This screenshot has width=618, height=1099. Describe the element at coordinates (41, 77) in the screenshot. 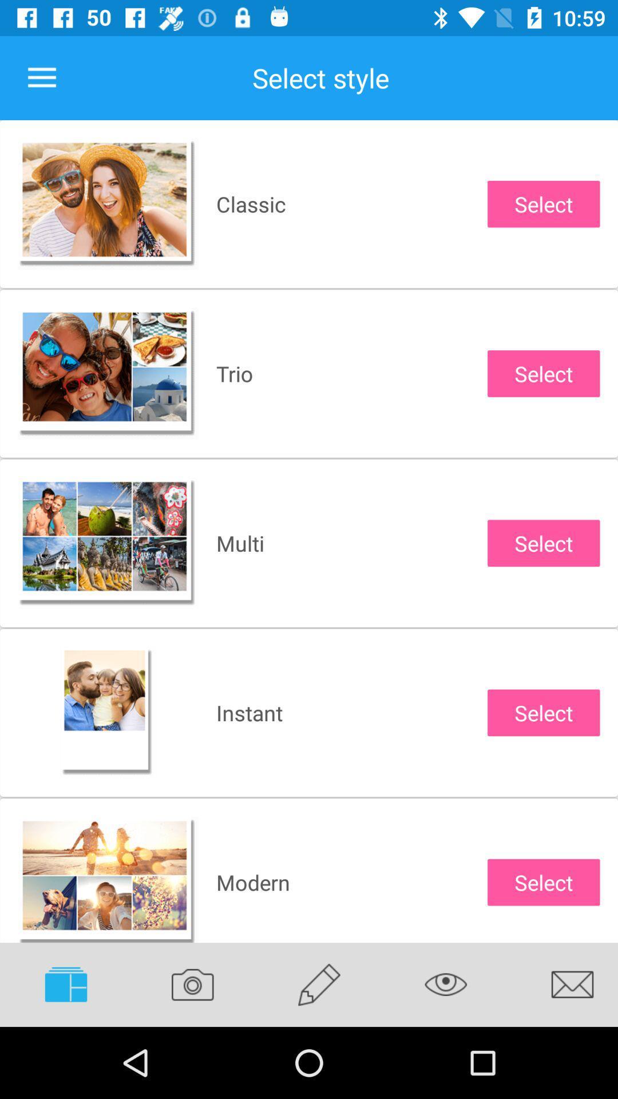

I see `icon to the left of the select style` at that location.